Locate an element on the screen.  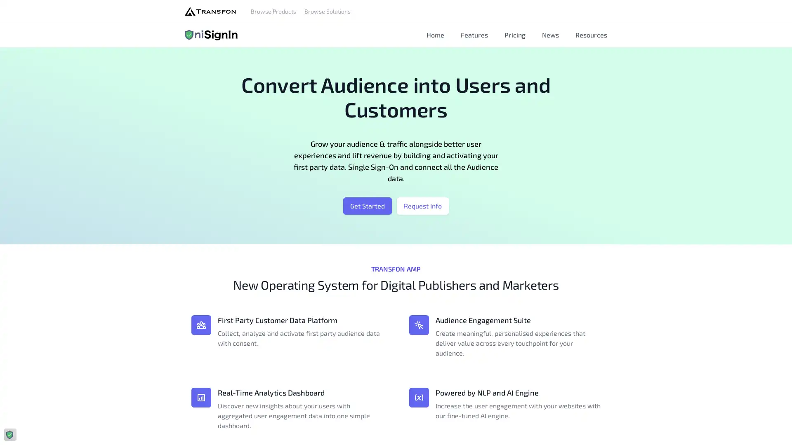
Do Not Sell My Data is located at coordinates (55, 430).